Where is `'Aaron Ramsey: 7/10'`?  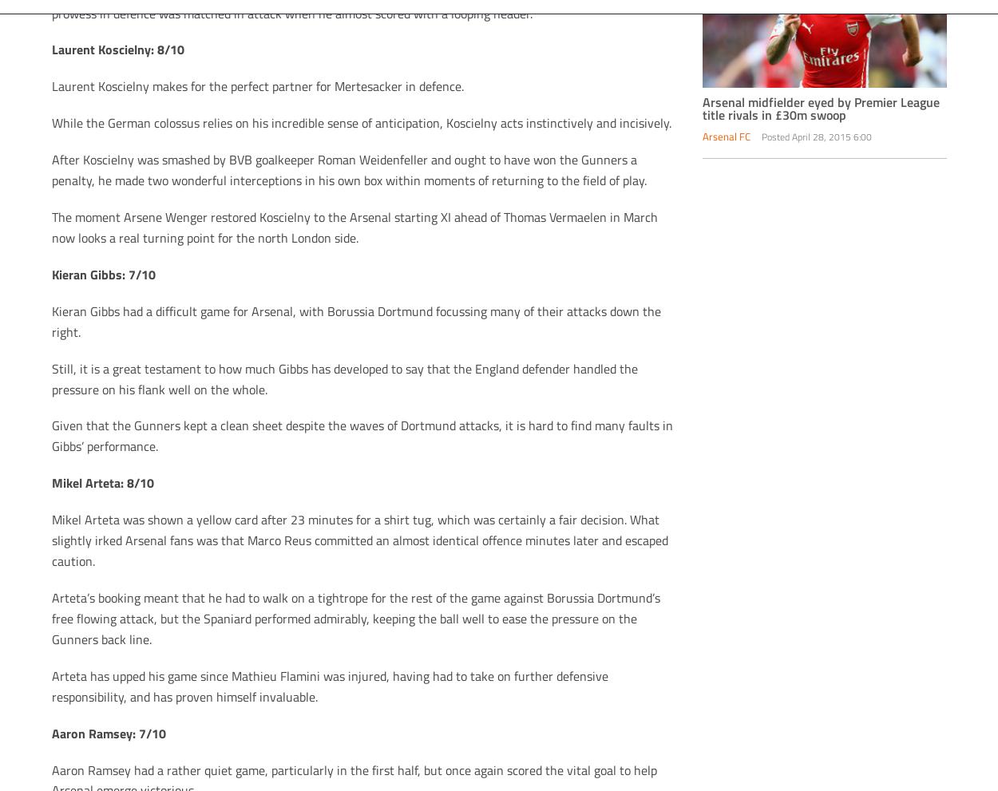 'Aaron Ramsey: 7/10' is located at coordinates (108, 731).